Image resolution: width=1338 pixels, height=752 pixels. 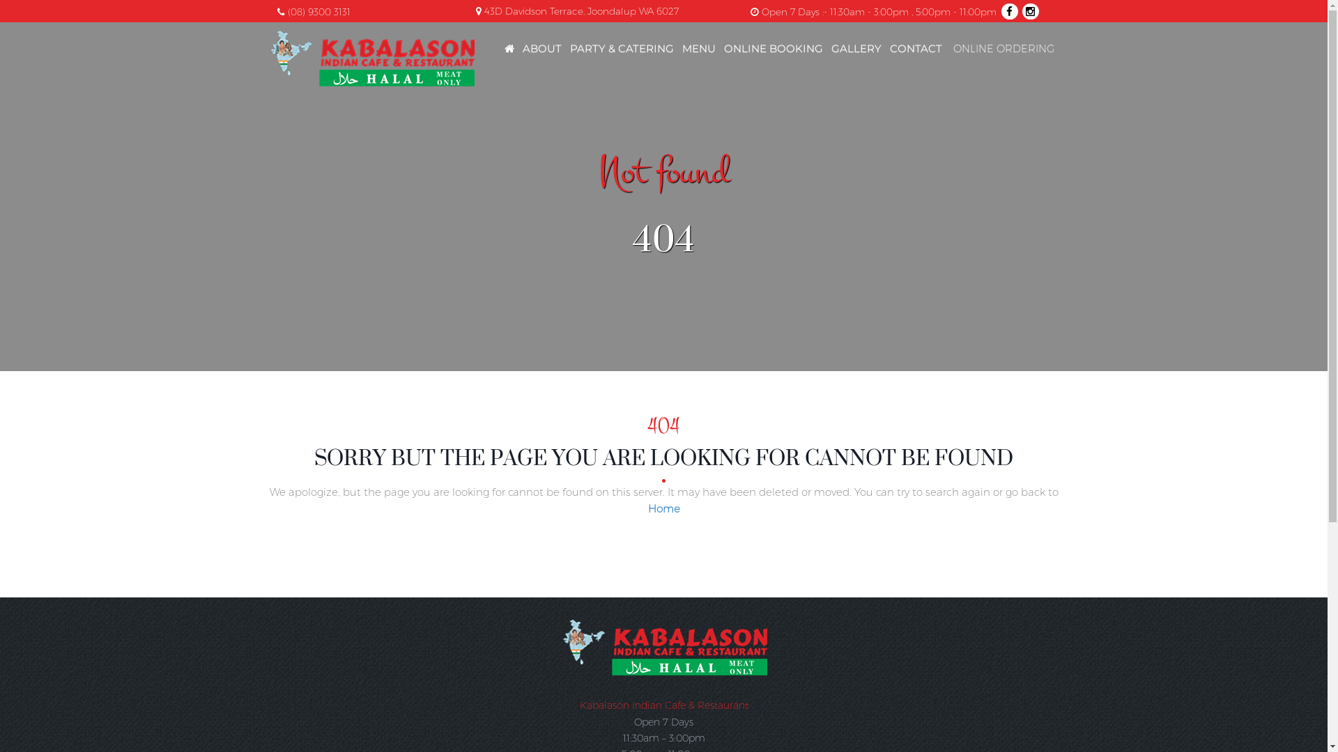 What do you see at coordinates (698, 47) in the screenshot?
I see `'MENU'` at bounding box center [698, 47].